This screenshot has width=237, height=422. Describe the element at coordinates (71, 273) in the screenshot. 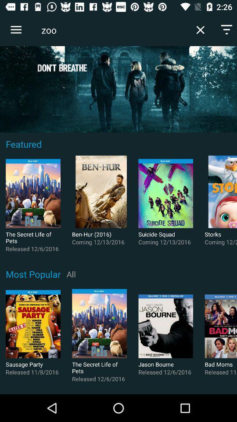

I see `icon below coming 12 13` at that location.